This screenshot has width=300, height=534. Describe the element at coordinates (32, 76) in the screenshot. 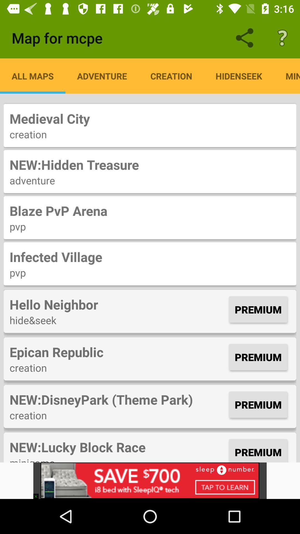

I see `app next to the adventure` at that location.